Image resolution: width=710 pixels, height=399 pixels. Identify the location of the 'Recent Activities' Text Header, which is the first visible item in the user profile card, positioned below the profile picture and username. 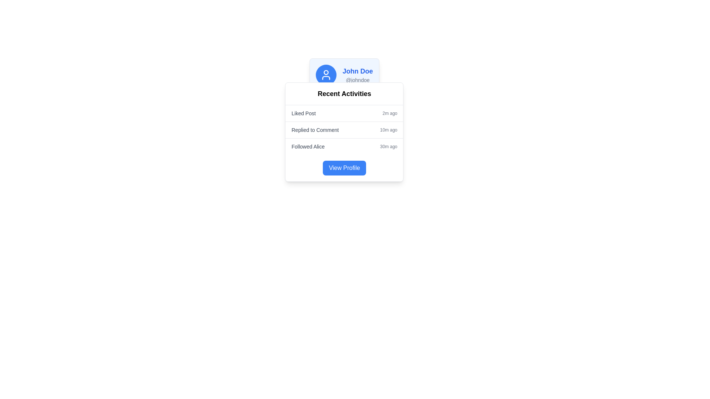
(344, 93).